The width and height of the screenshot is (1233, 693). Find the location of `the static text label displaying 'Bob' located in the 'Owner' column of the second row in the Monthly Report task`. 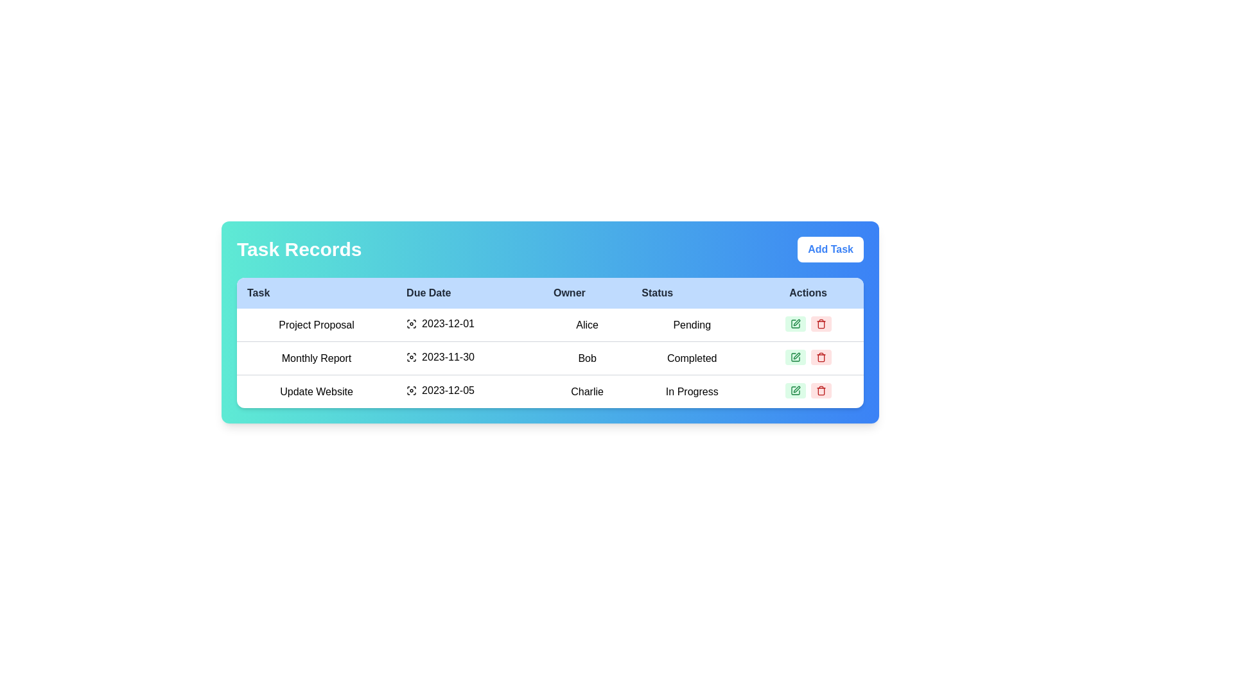

the static text label displaying 'Bob' located in the 'Owner' column of the second row in the Monthly Report task is located at coordinates (586, 358).